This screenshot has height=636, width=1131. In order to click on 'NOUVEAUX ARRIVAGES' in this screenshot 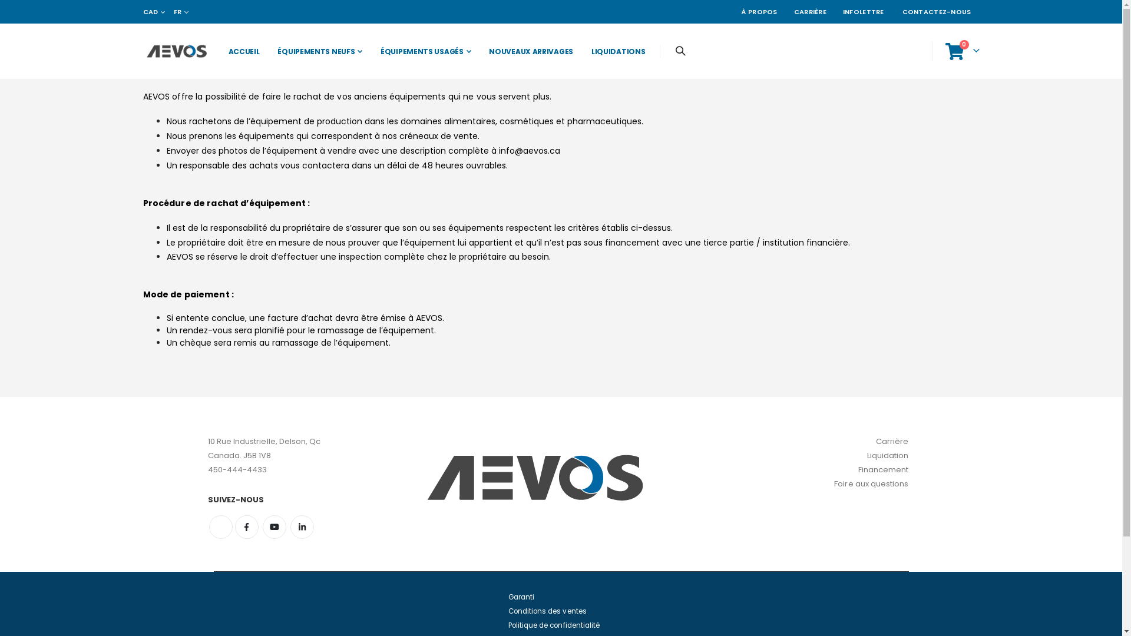, I will do `click(527, 51)`.